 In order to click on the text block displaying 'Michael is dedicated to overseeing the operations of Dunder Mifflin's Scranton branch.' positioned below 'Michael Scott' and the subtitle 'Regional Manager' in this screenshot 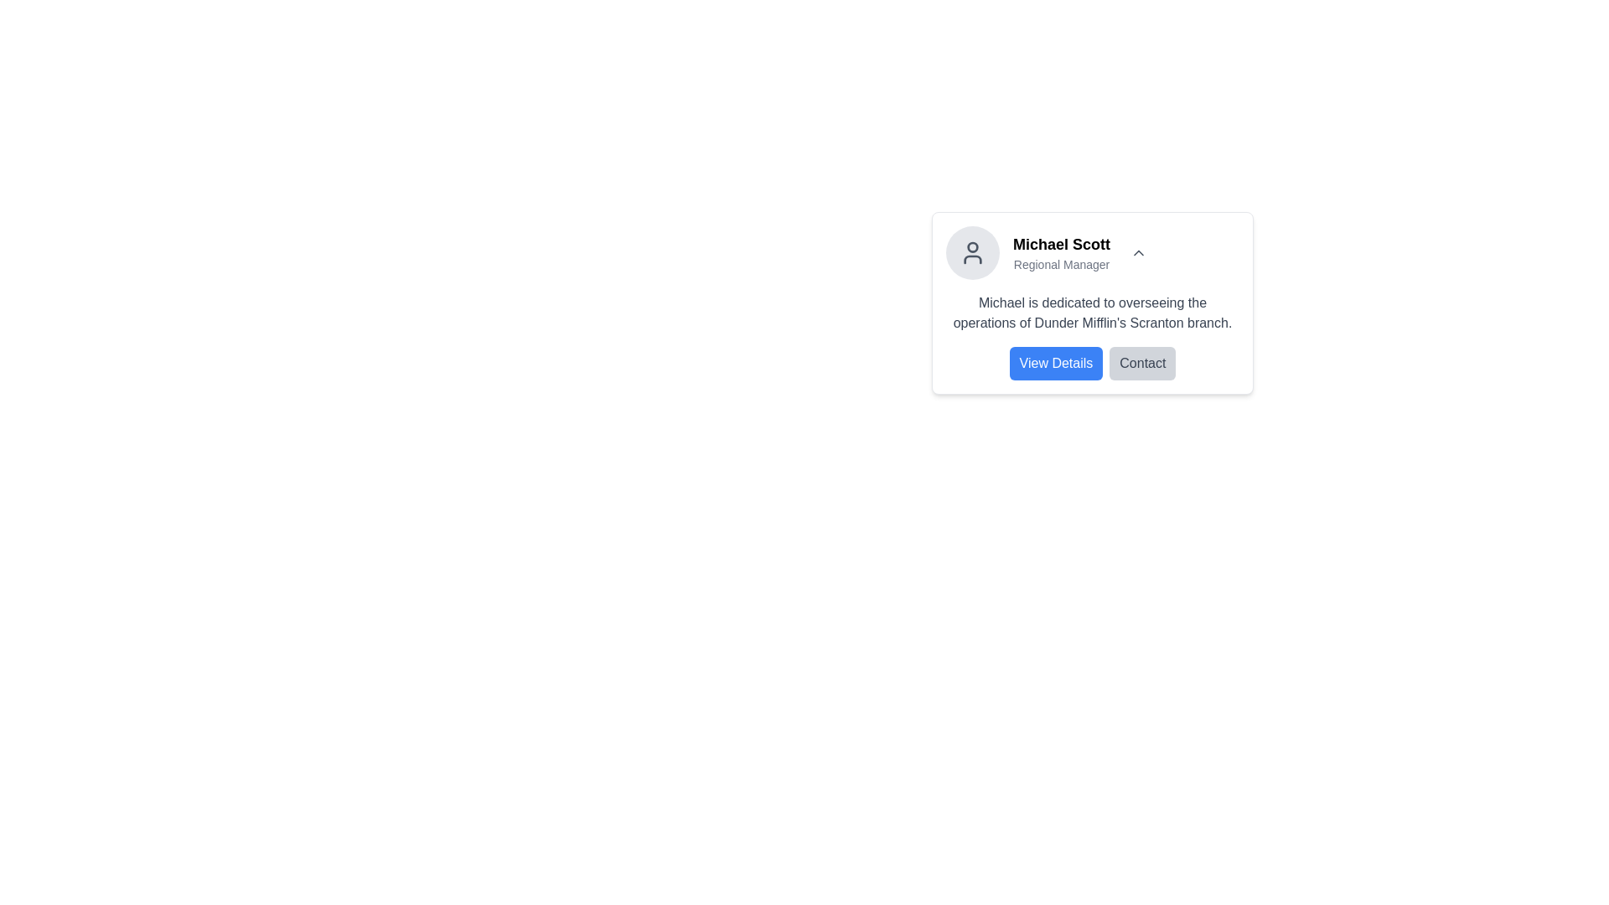, I will do `click(1093, 313)`.